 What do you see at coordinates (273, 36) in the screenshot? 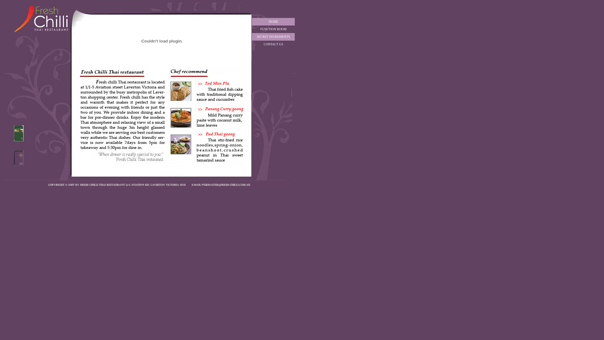
I see `'SECRET INGREDIENTS'` at bounding box center [273, 36].